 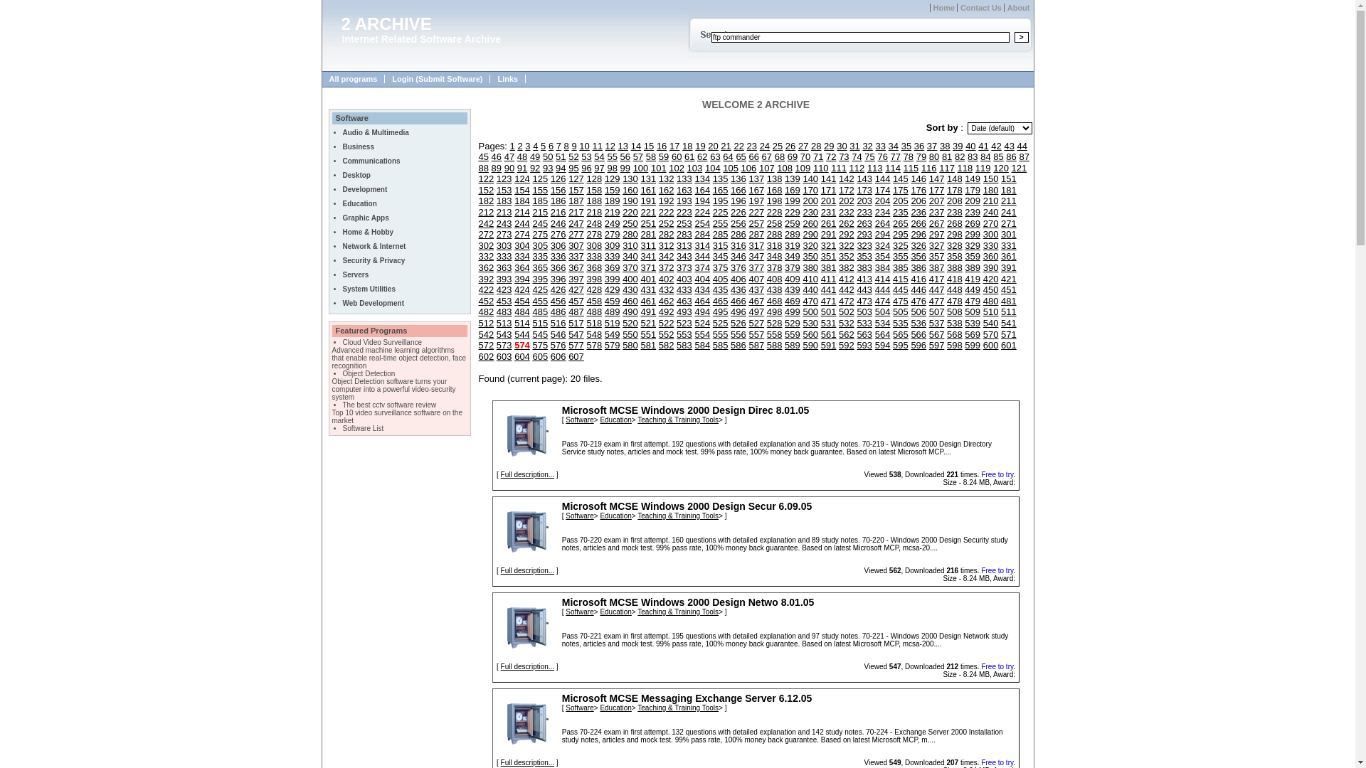 What do you see at coordinates (829, 267) in the screenshot?
I see `'381'` at bounding box center [829, 267].